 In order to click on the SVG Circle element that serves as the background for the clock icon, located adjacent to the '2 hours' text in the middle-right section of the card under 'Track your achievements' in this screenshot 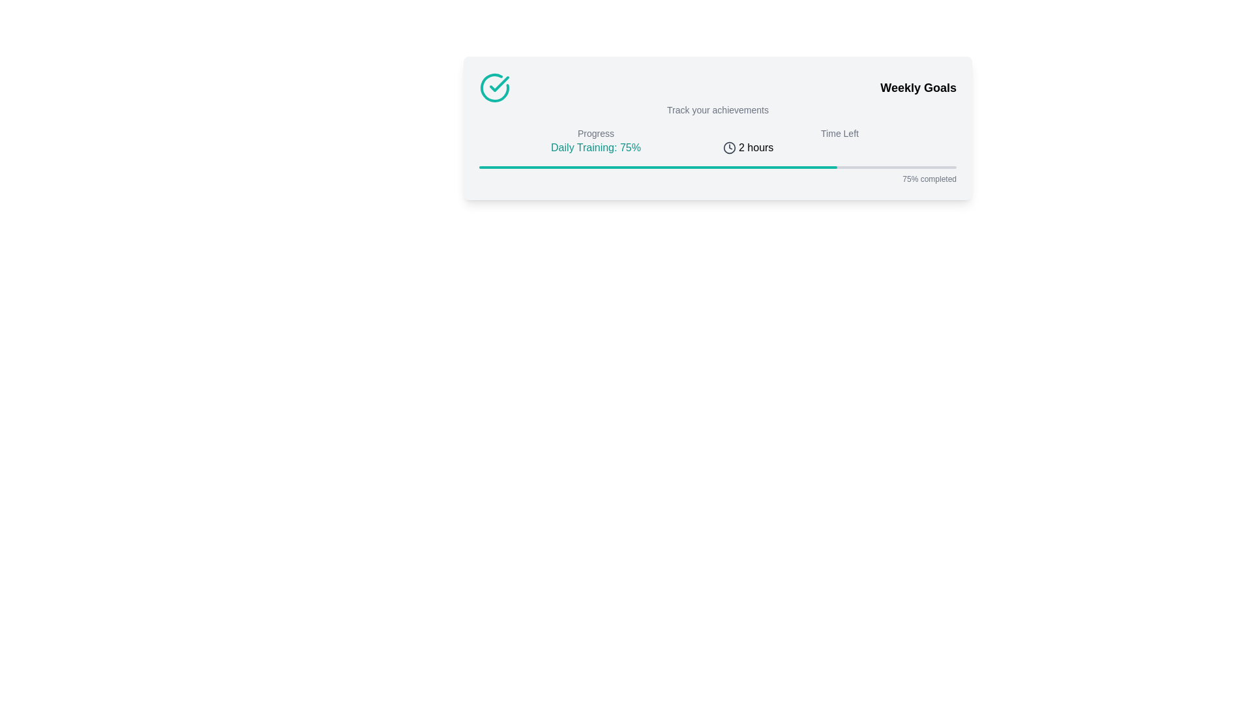, I will do `click(728, 147)`.